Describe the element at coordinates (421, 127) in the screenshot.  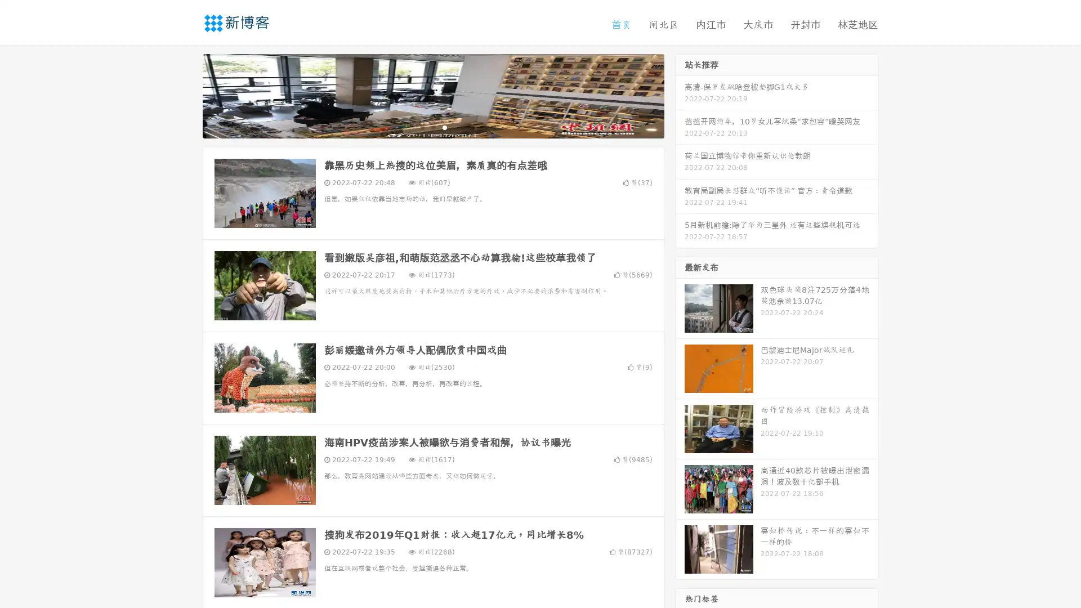
I see `Go to slide 1` at that location.